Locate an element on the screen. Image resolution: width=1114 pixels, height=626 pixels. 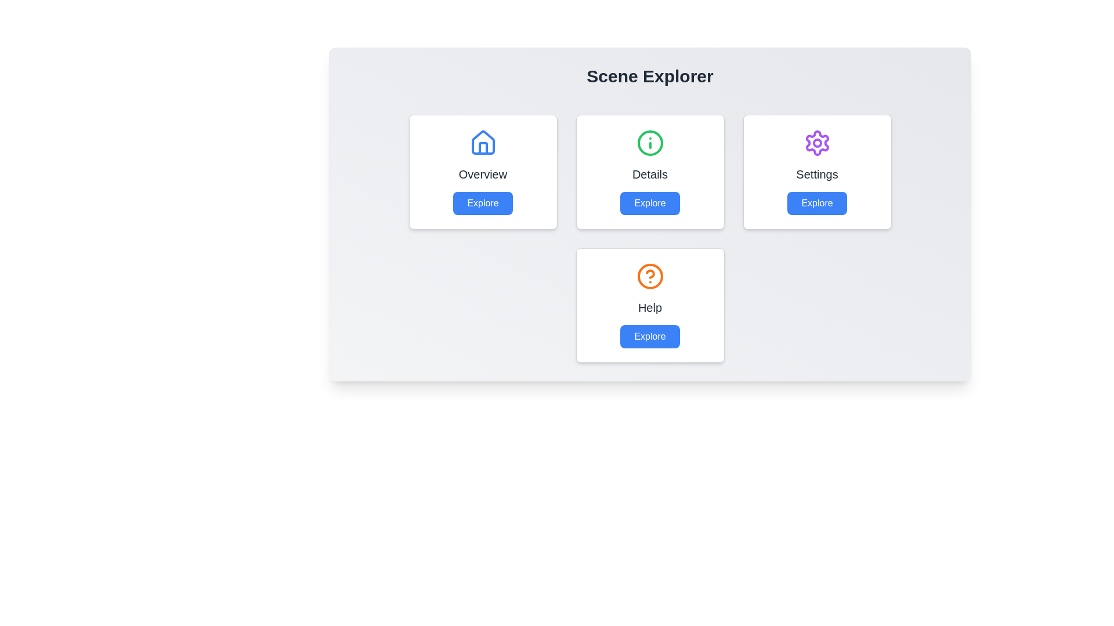
the Text label that describes the contents or purpose of the card providing information about 'Details', located in the center of the second card in the first row of the grid layout is located at coordinates (650, 174).